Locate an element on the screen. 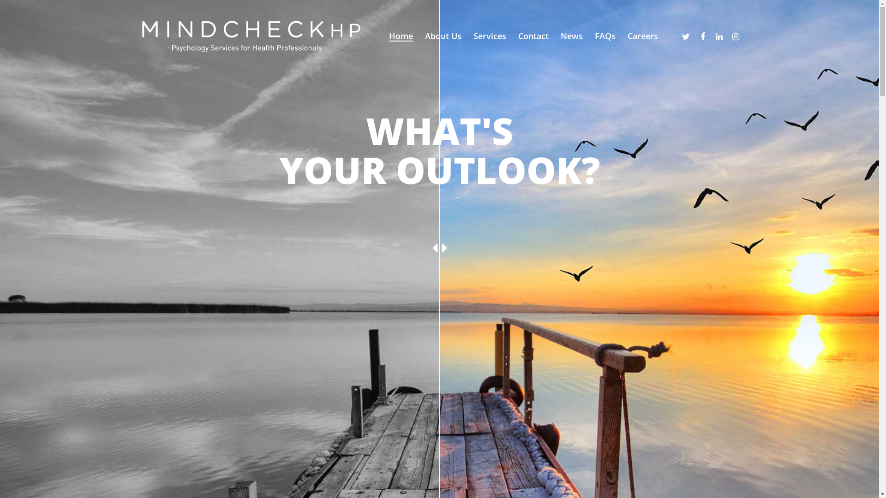 The image size is (886, 498). 'Careers' is located at coordinates (627, 35).